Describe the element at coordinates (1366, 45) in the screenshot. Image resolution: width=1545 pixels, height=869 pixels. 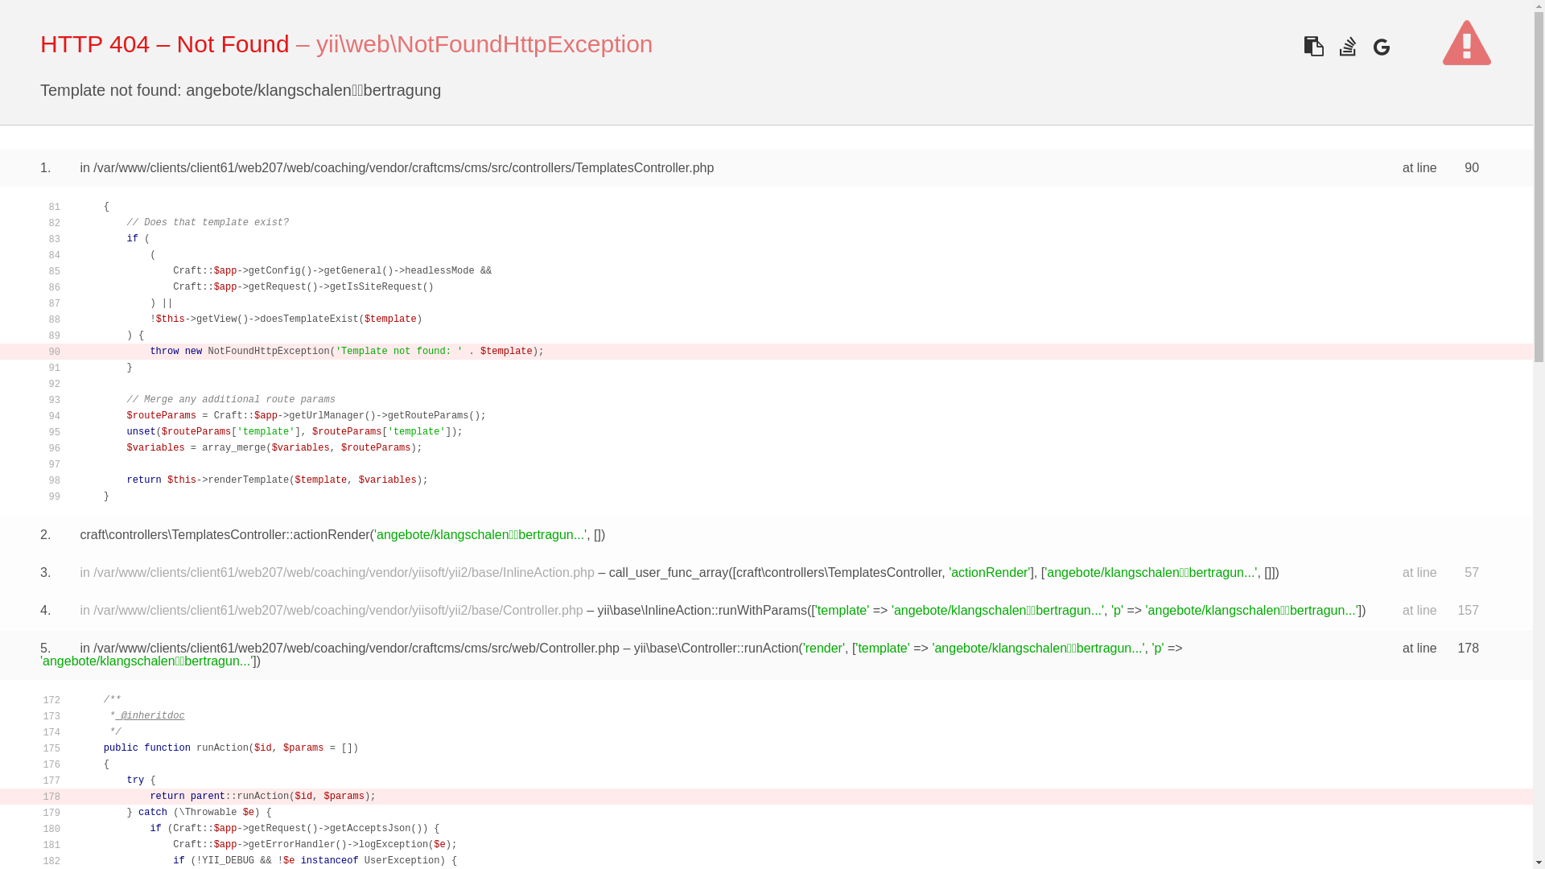
I see `'Search error on Google'` at that location.